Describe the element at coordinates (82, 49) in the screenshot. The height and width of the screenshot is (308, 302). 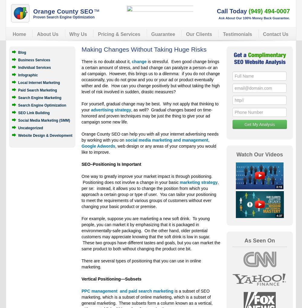
I see `'Making Changes Without Taking Huge Risks'` at that location.